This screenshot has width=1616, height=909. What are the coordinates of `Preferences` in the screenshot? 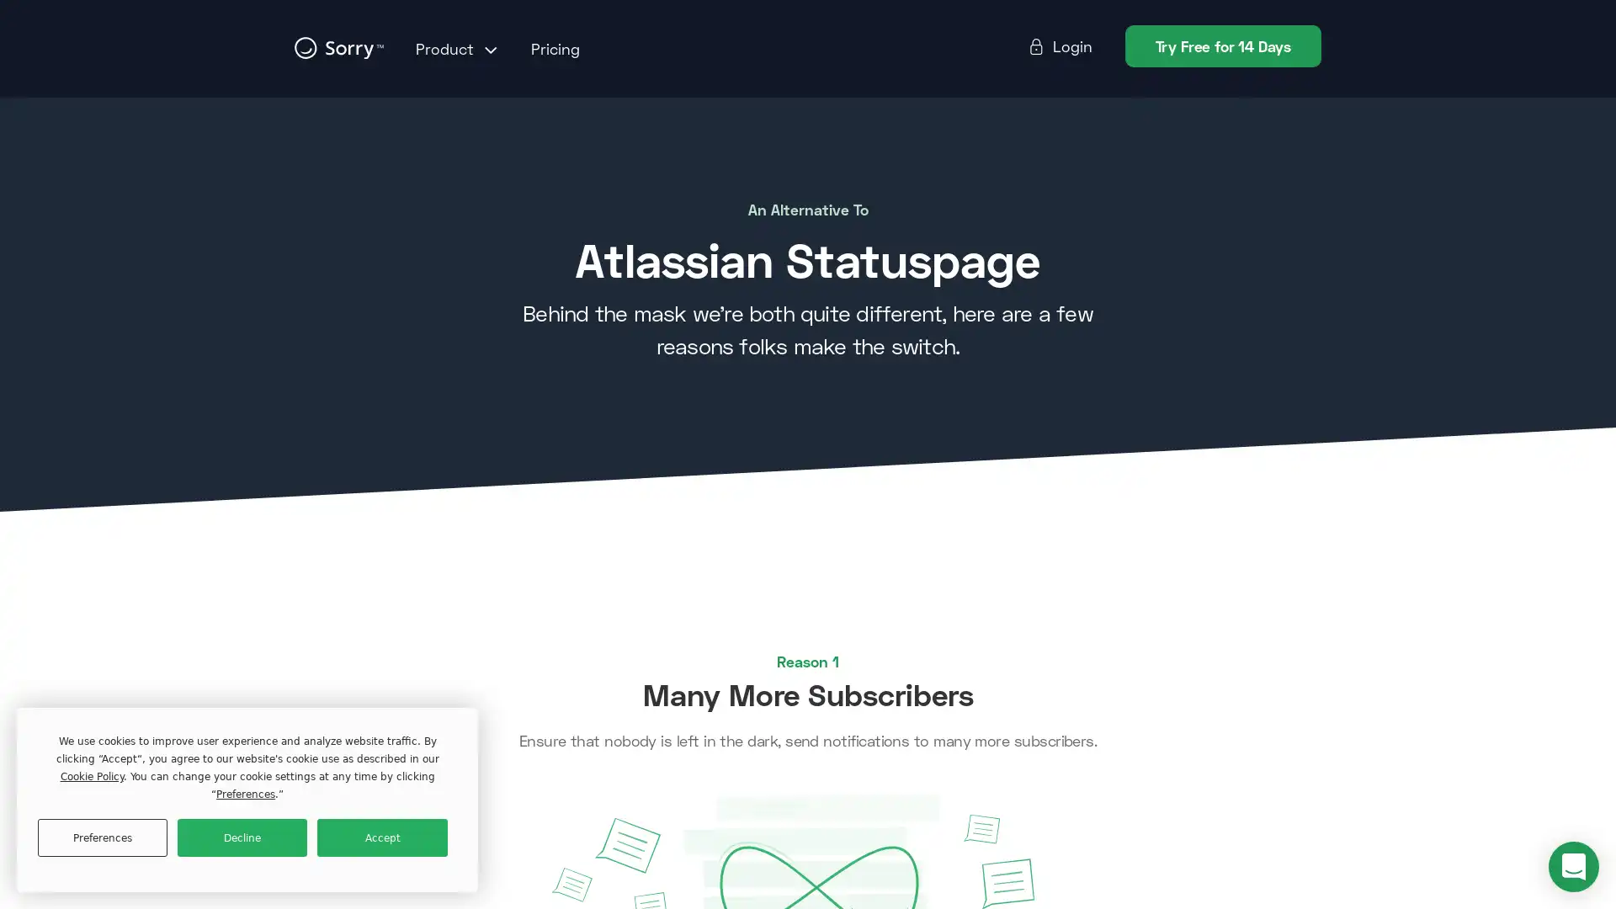 It's located at (101, 837).